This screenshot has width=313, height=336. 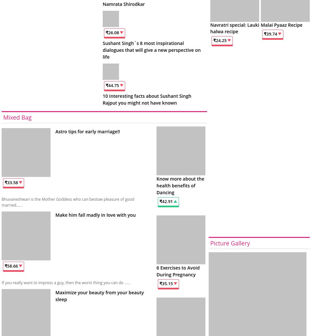 I want to click on 'Astro tips for early marriage!!', so click(x=87, y=131).